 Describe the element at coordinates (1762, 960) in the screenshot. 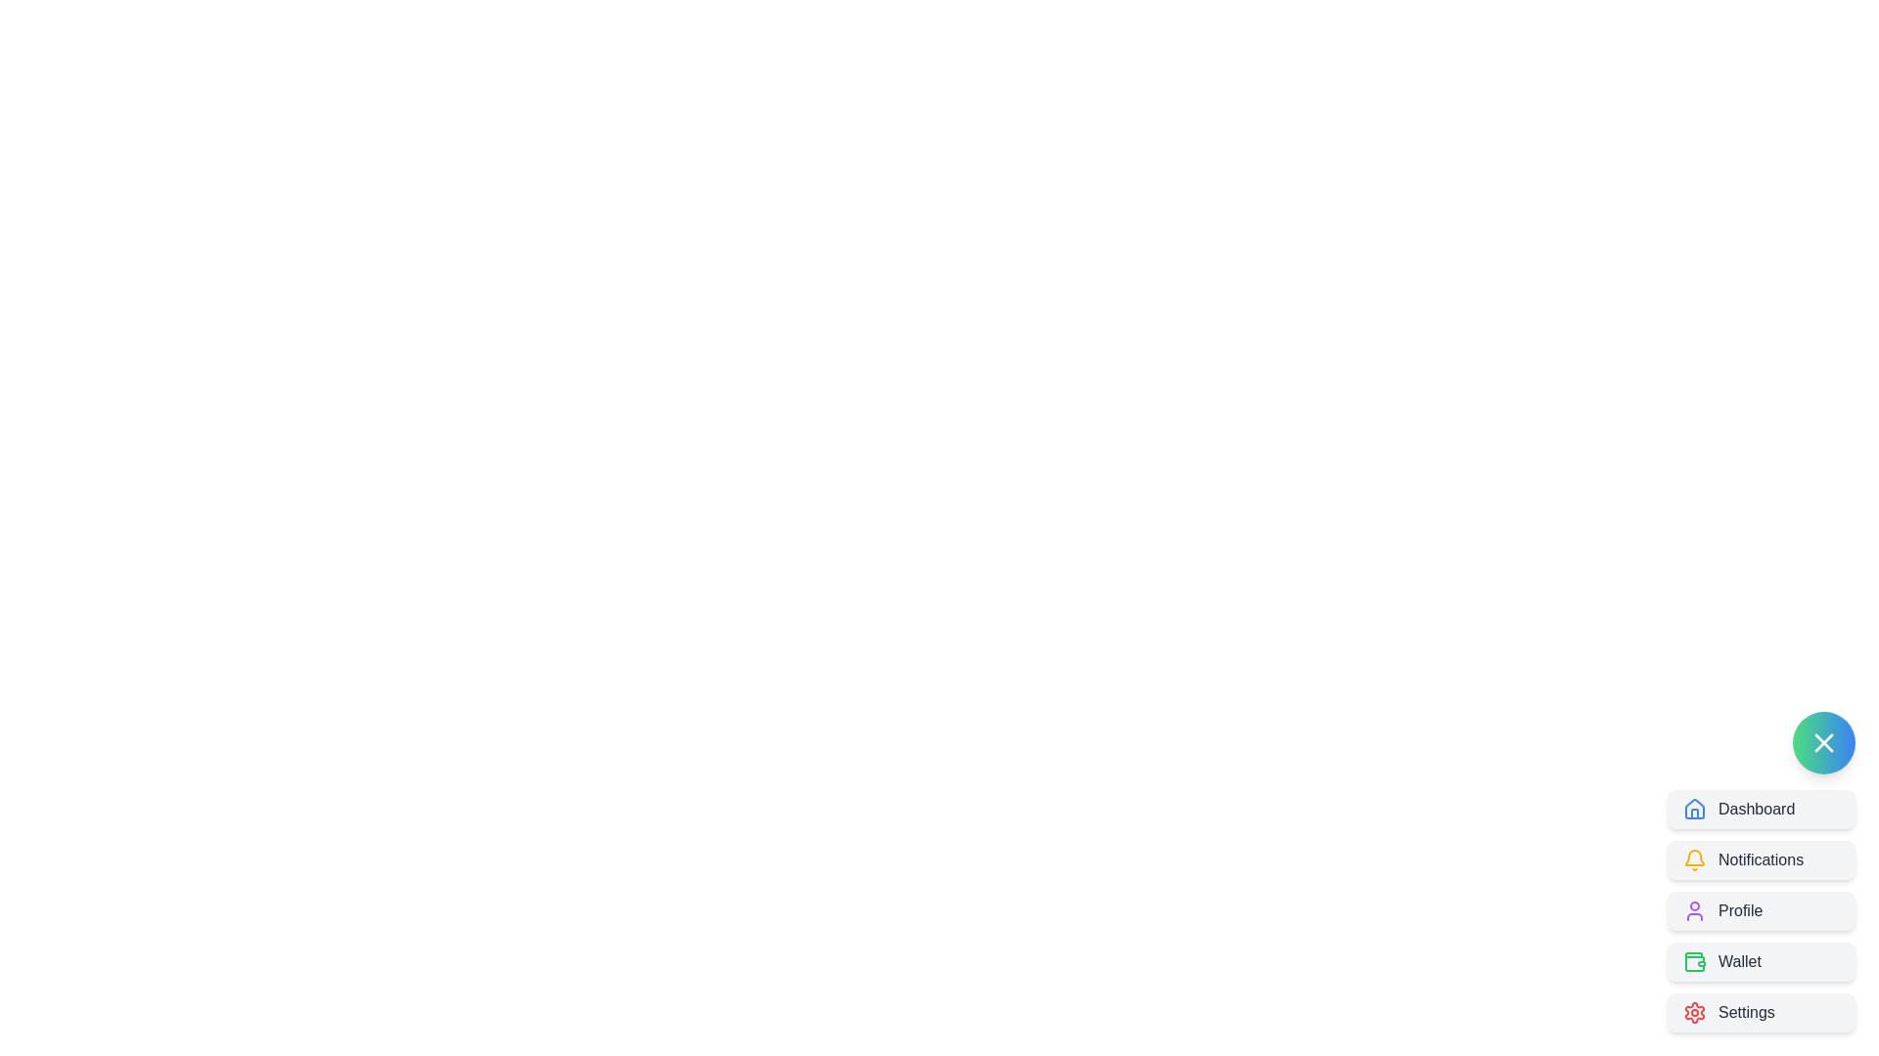

I see `the 'Wallet' navigation button, which is located in the fourth position under the menu group, between 'Profile' and 'Settings'` at that location.